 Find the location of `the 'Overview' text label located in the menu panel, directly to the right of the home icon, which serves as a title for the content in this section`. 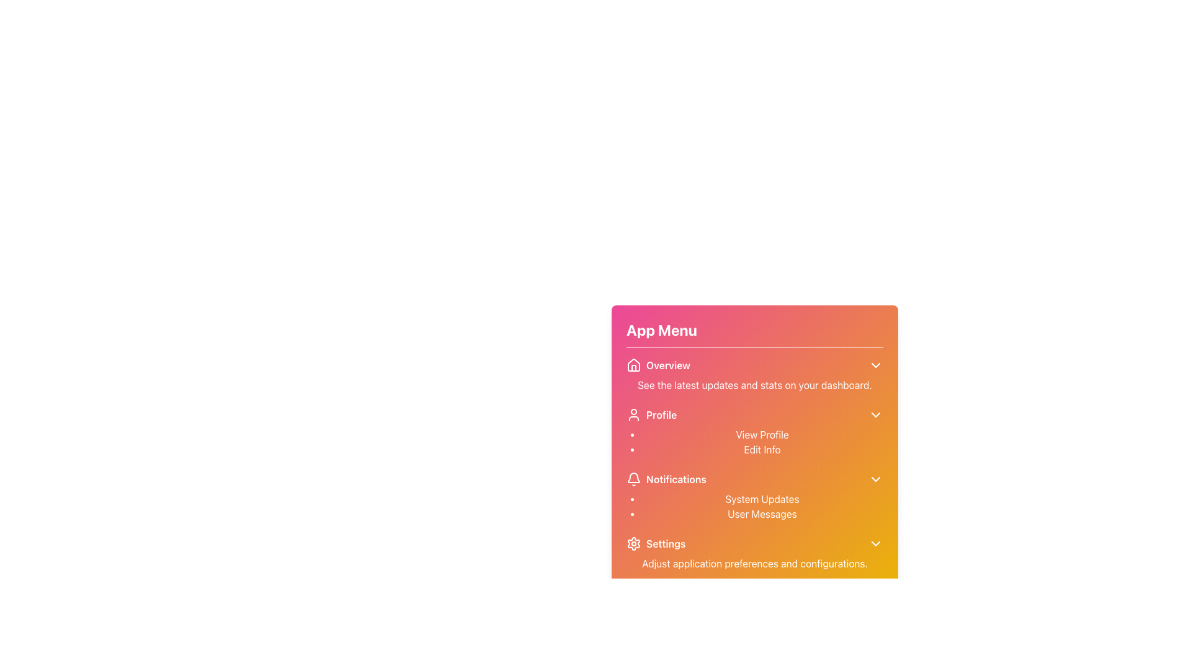

the 'Overview' text label located in the menu panel, directly to the right of the home icon, which serves as a title for the content in this section is located at coordinates (667, 365).